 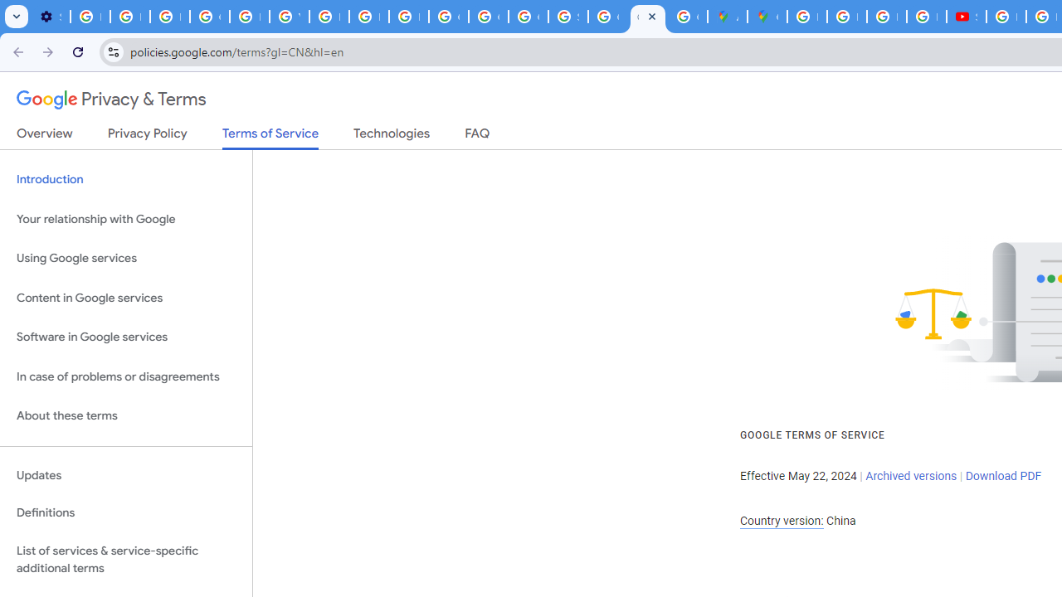 What do you see at coordinates (125, 259) in the screenshot?
I see `'Using Google services'` at bounding box center [125, 259].